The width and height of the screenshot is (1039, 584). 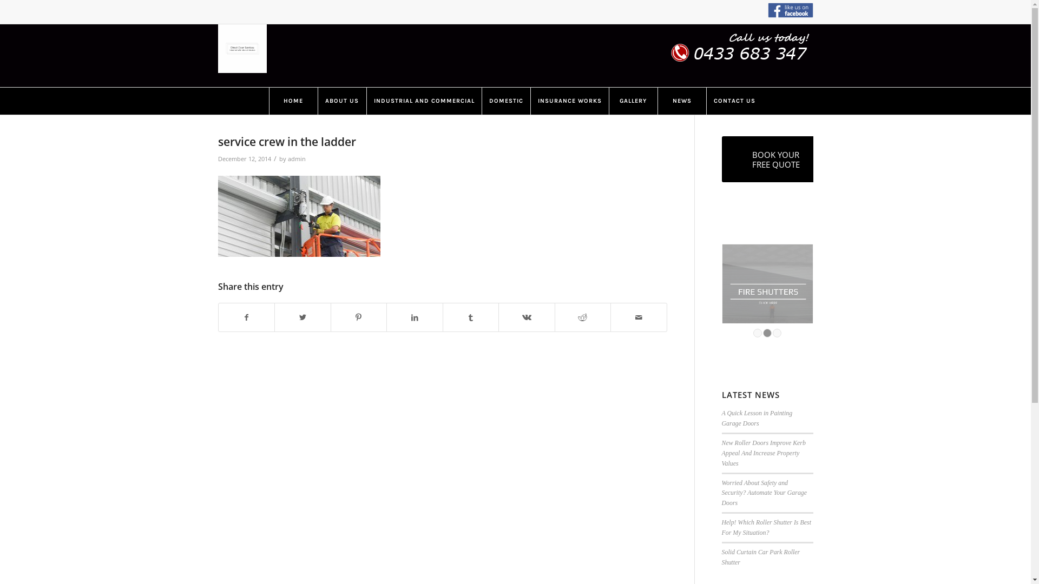 I want to click on '1', so click(x=757, y=333).